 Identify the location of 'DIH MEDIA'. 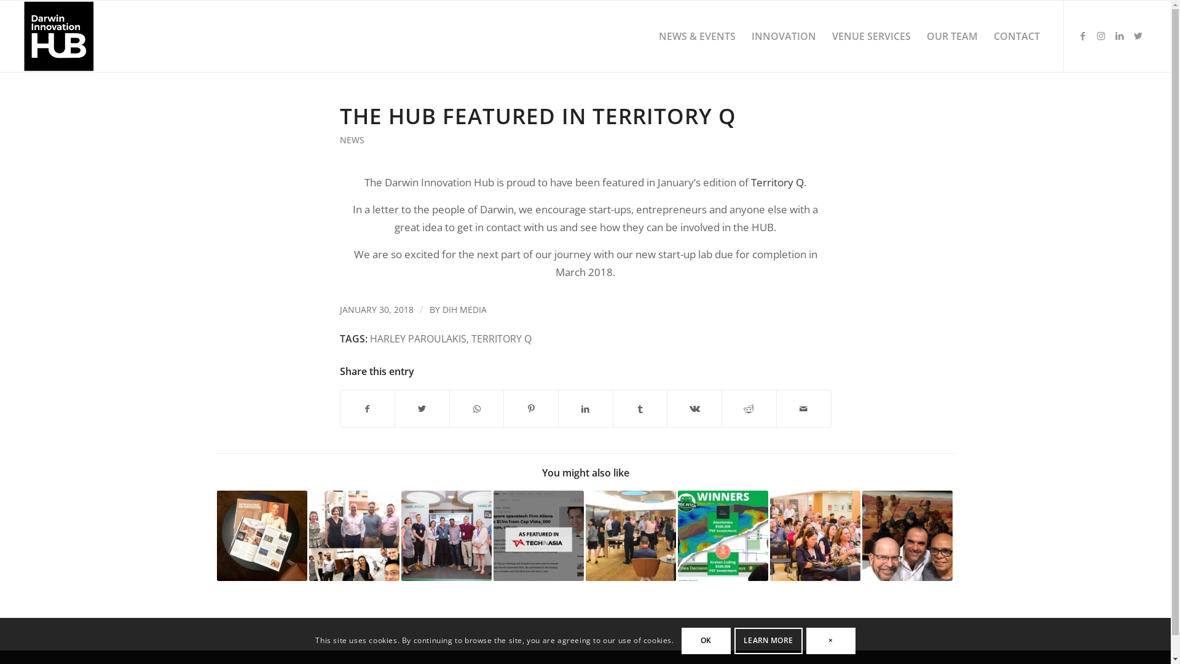
(463, 309).